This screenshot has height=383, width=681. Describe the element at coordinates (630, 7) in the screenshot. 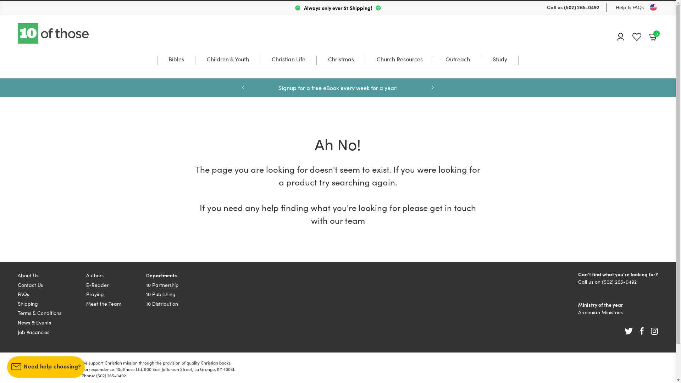

I see `'Help & FAQs'` at that location.